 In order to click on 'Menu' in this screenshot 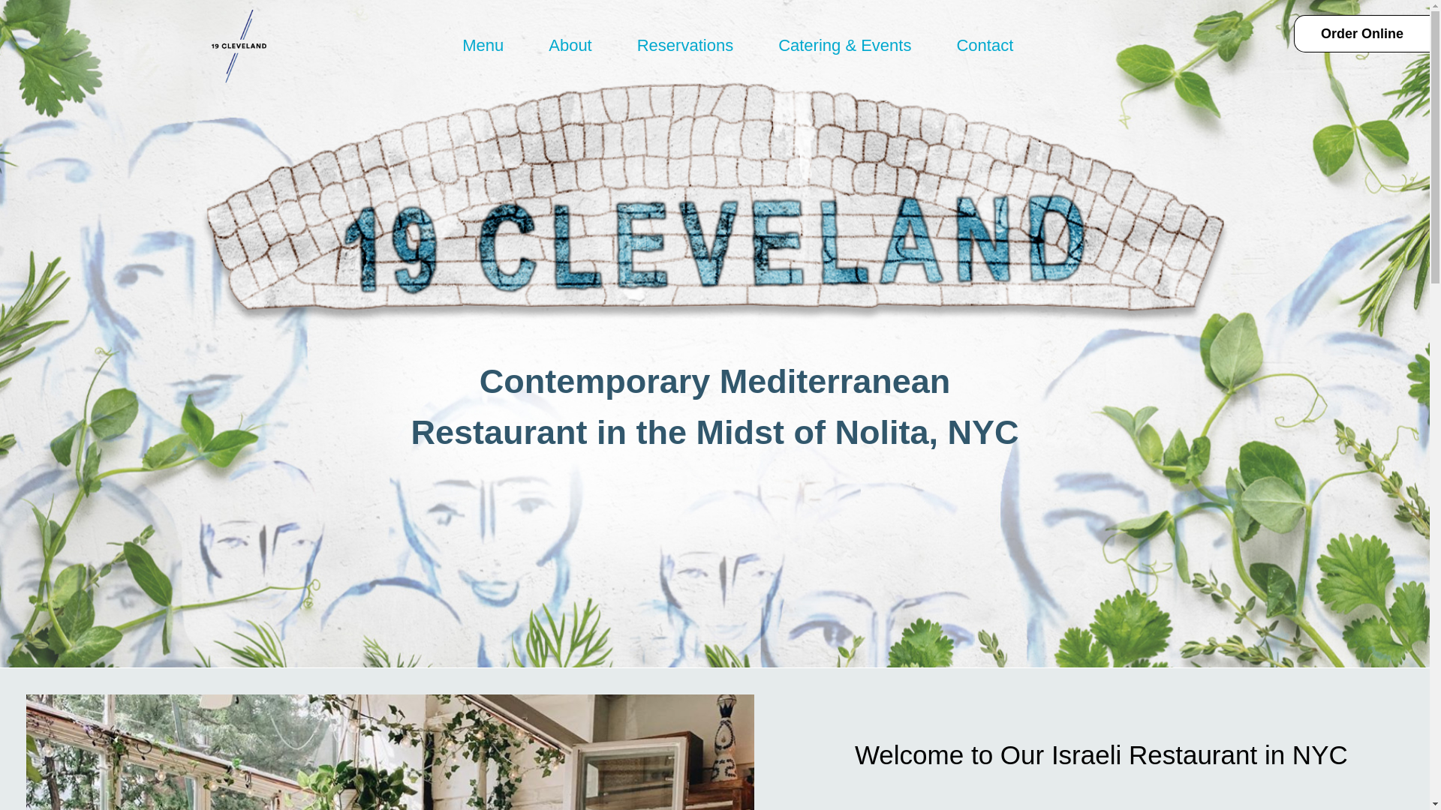, I will do `click(446, 45)`.